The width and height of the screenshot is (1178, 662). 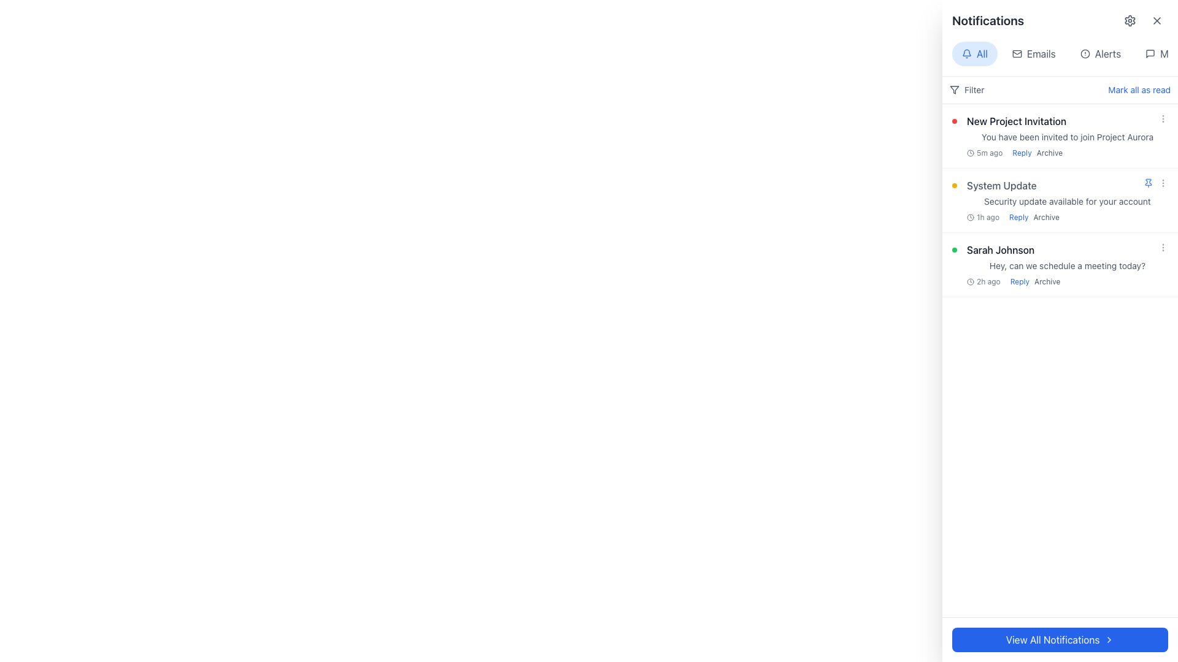 What do you see at coordinates (970, 281) in the screenshot?
I see `the circular outline of the clock icon in the notification section to understand the context of the 'System Update' notification` at bounding box center [970, 281].